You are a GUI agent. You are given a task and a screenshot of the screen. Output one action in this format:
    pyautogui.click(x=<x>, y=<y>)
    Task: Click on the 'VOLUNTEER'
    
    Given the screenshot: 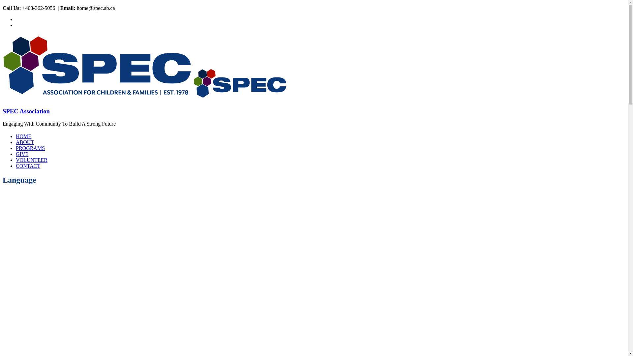 What is the action you would take?
    pyautogui.click(x=31, y=160)
    